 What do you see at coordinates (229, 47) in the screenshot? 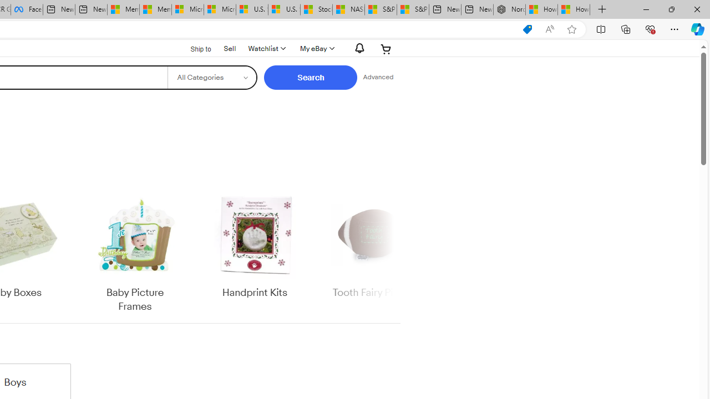
I see `'Sell'` at bounding box center [229, 47].